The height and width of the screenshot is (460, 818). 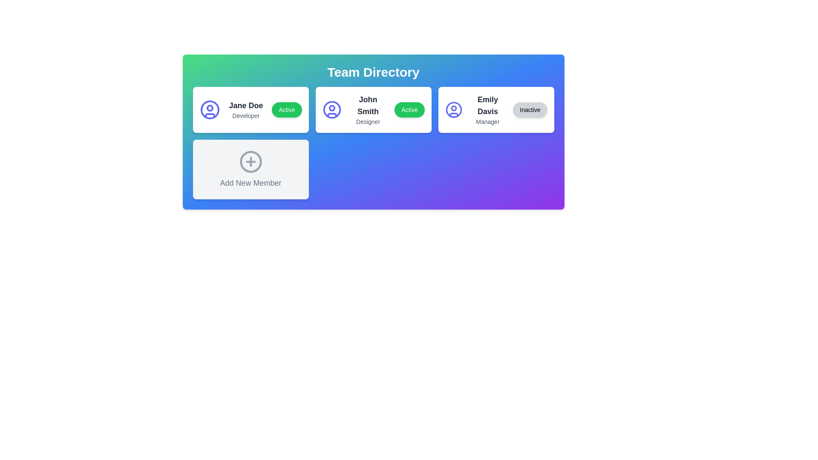 I want to click on the descriptive text label indicating the function associated with the add new member icon, located in the lower left area of the Team Directory interface, so click(x=250, y=182).